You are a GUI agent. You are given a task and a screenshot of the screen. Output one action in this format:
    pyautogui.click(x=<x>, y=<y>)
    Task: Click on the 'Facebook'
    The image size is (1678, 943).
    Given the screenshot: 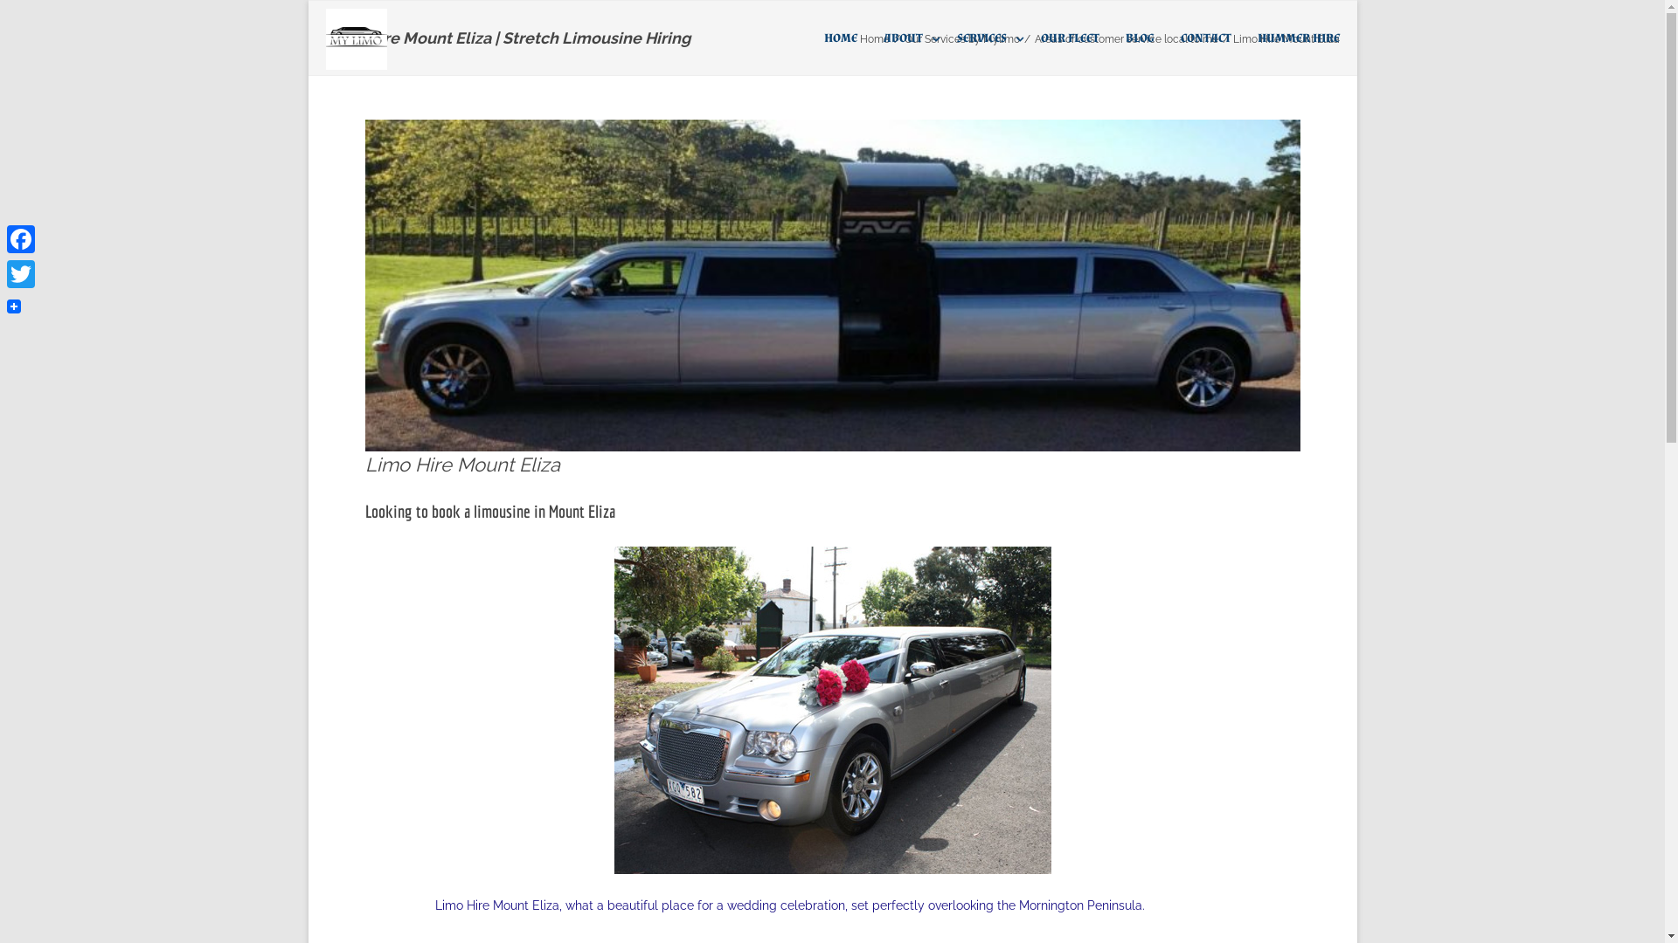 What is the action you would take?
    pyautogui.click(x=21, y=238)
    